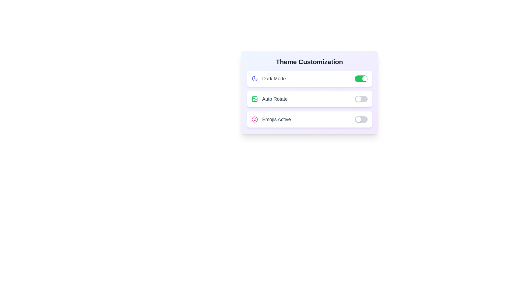 The width and height of the screenshot is (516, 290). Describe the element at coordinates (270, 99) in the screenshot. I see `the 'auto Rotate' label element, which is the second item in the vertical list within the 'Theme Customization' section, positioned between 'Dark Mode' and 'Emojis Active'` at that location.